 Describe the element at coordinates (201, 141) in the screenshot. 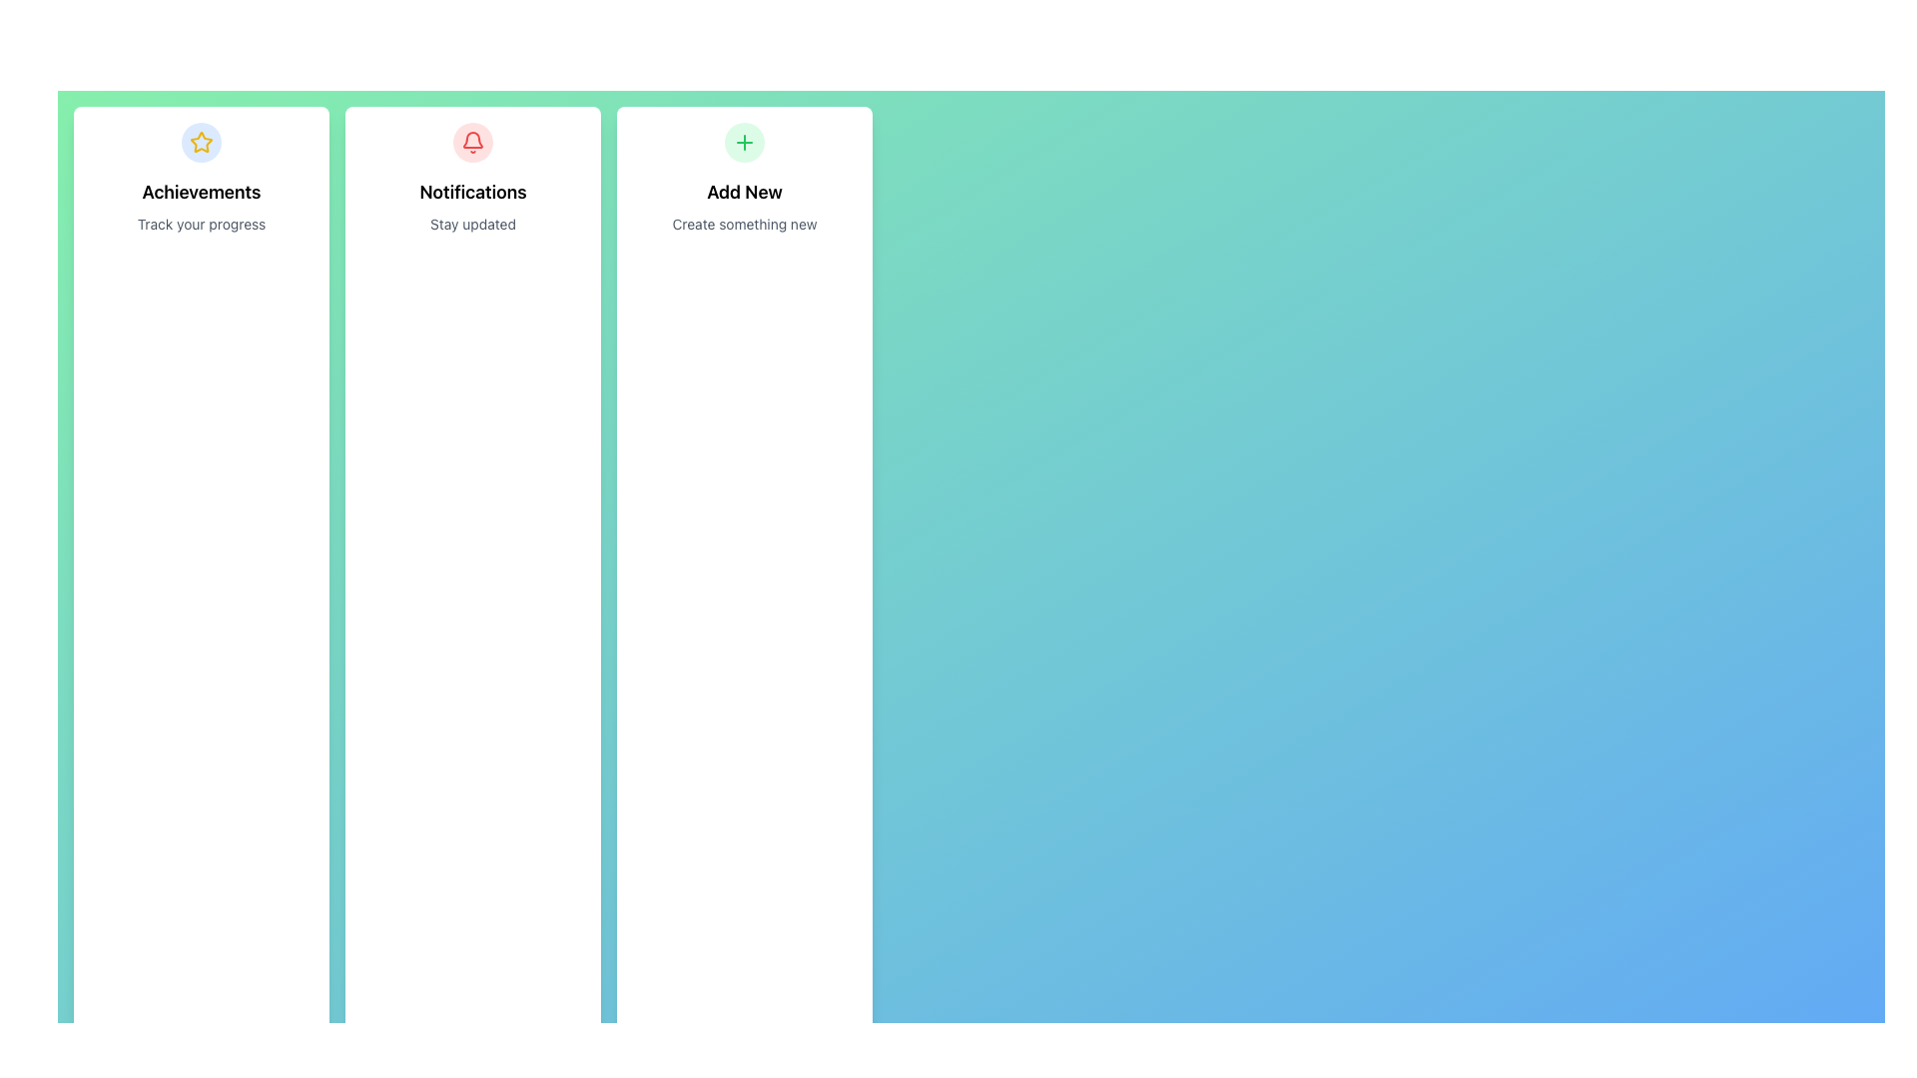

I see `the decorative achievement icon located at the top center of the 'Achievements' card, directly above the text 'Achievements' and 'Track your progress'` at that location.